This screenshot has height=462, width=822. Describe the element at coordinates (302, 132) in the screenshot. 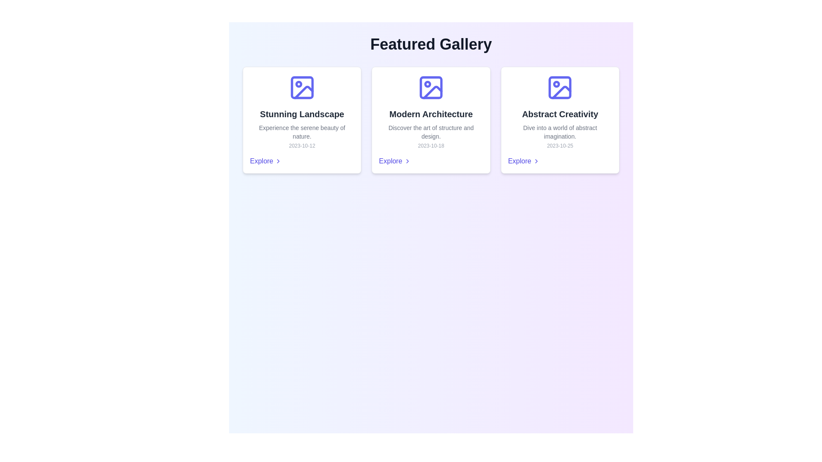

I see `the text label element styled in subdued gray color, located under the title 'Stunning Landscape' in the leftmost card` at that location.